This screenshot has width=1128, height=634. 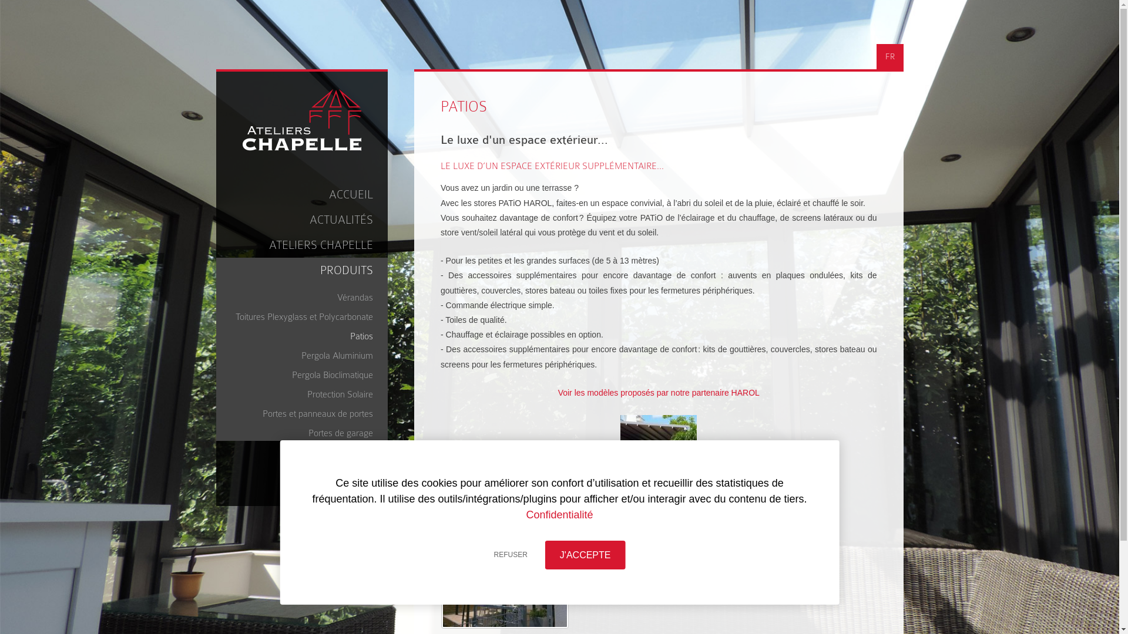 I want to click on 'FR', so click(x=889, y=56).